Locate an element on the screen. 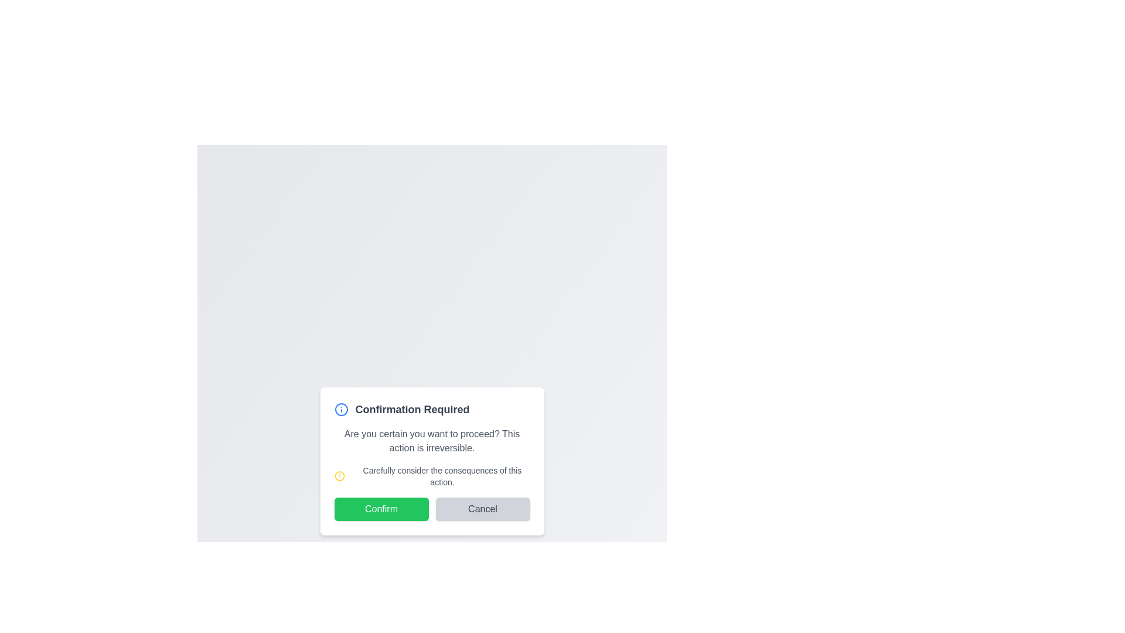 This screenshot has height=633, width=1125. the SVG circle representing part of the informational icon in the confirmation overlay at the top-left of the dialog box is located at coordinates (340, 409).